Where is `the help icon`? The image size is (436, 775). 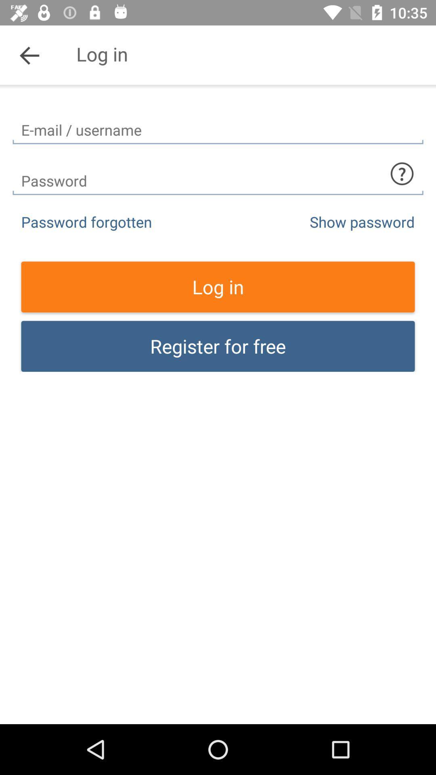
the help icon is located at coordinates (402, 173).